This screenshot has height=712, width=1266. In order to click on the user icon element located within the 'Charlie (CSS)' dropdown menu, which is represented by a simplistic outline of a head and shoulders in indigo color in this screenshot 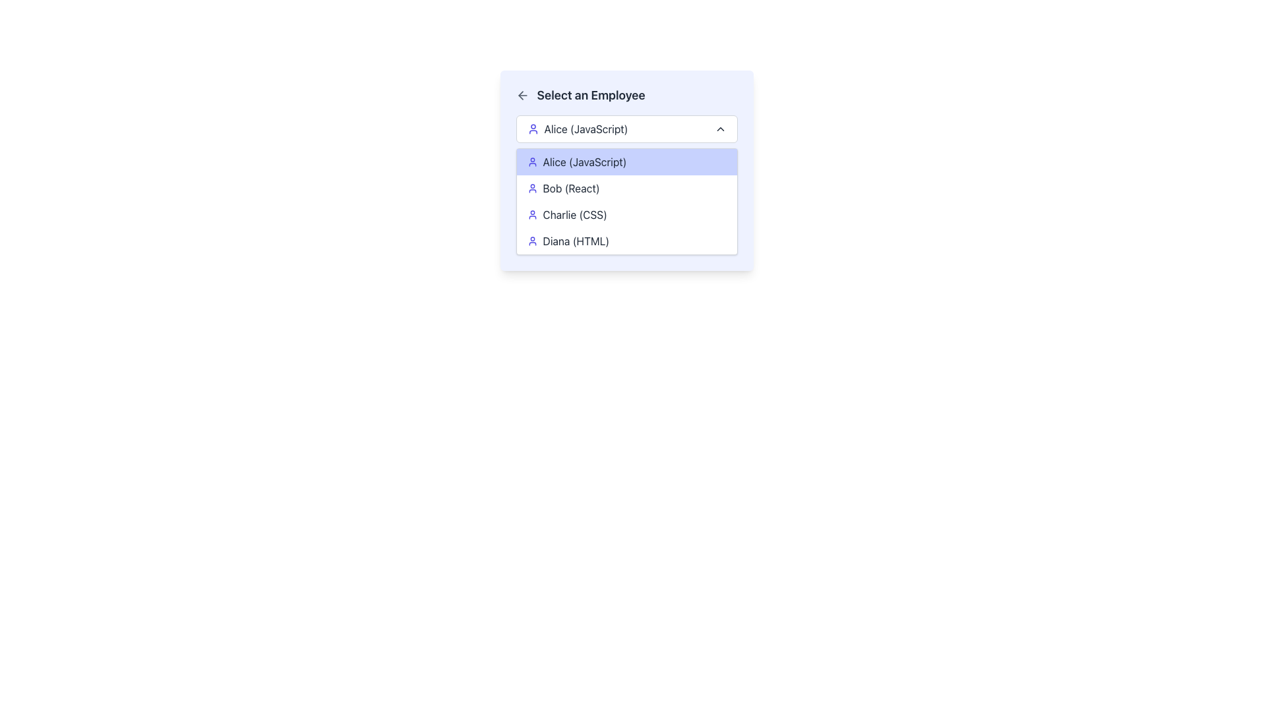, I will do `click(532, 214)`.